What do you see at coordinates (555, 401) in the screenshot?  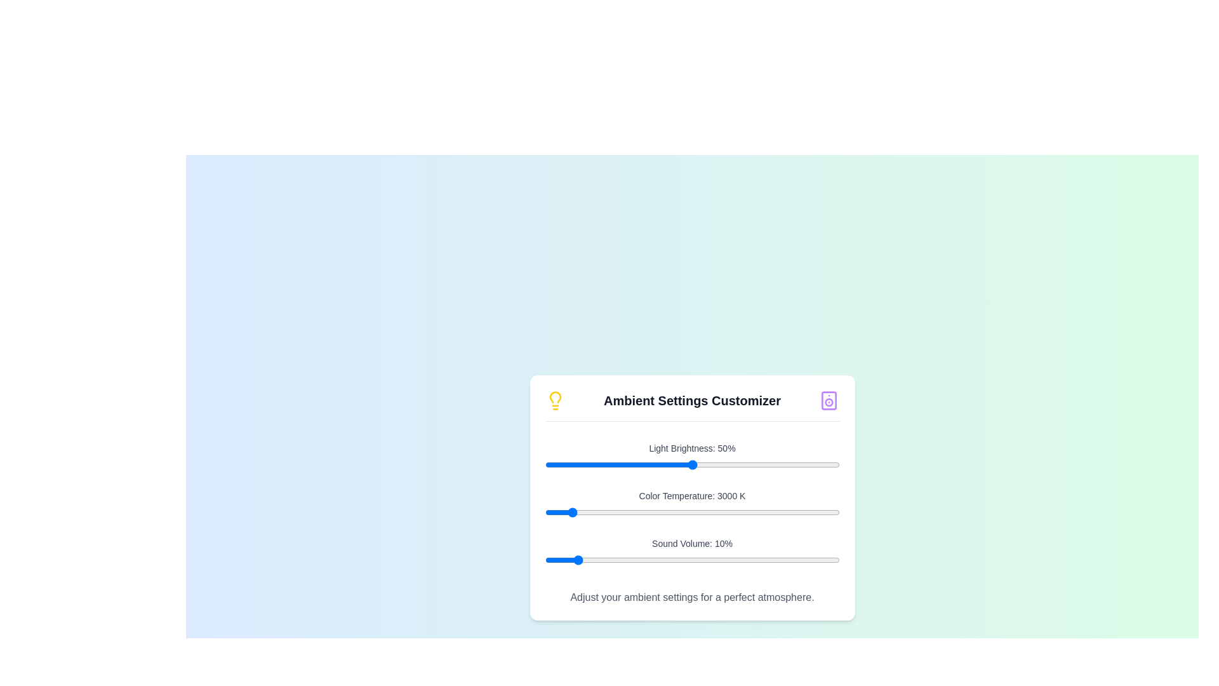 I see `the light bulb icon indicating the lighting or brightness-related feature in the 'Ambient Settings Customizer' section, located at the far left of the header row` at bounding box center [555, 401].